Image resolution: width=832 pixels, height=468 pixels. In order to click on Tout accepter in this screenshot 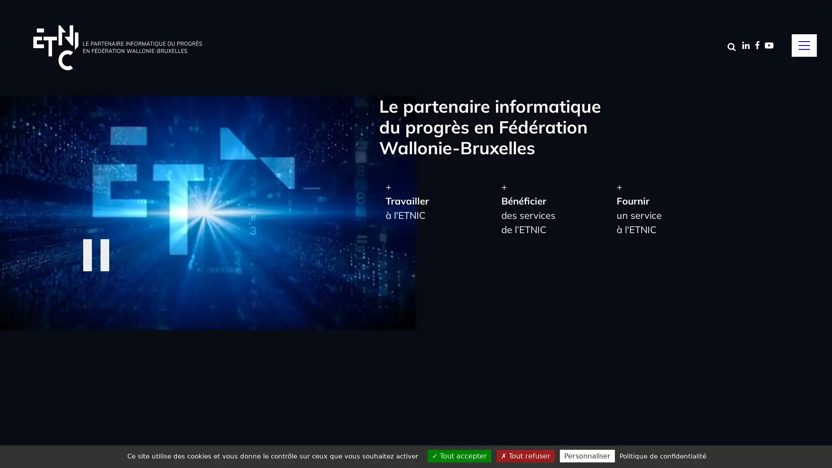, I will do `click(459, 455)`.